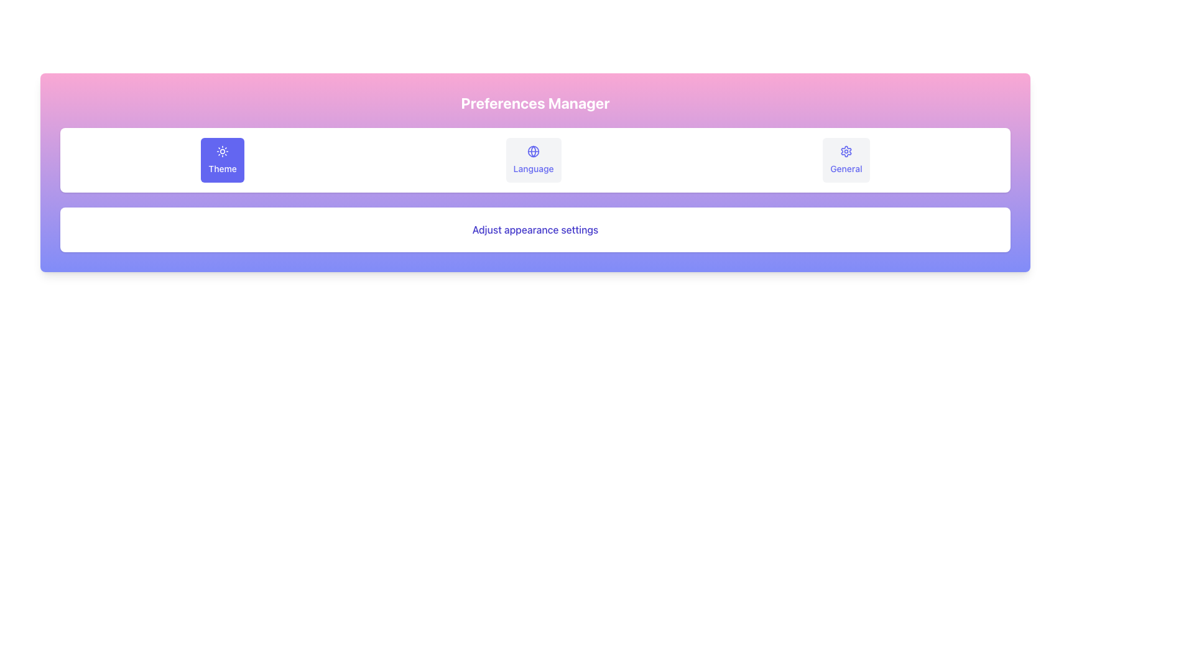 This screenshot has height=671, width=1194. What do you see at coordinates (223, 169) in the screenshot?
I see `the label indicating 'Theme' settings, which is located below the sun icon in the Preferences Manager interface` at bounding box center [223, 169].